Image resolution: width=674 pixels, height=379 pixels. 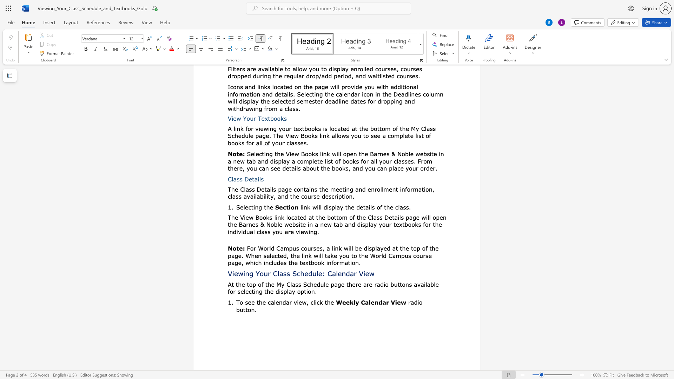 What do you see at coordinates (357, 284) in the screenshot?
I see `the 1th character "r" in the text` at bounding box center [357, 284].